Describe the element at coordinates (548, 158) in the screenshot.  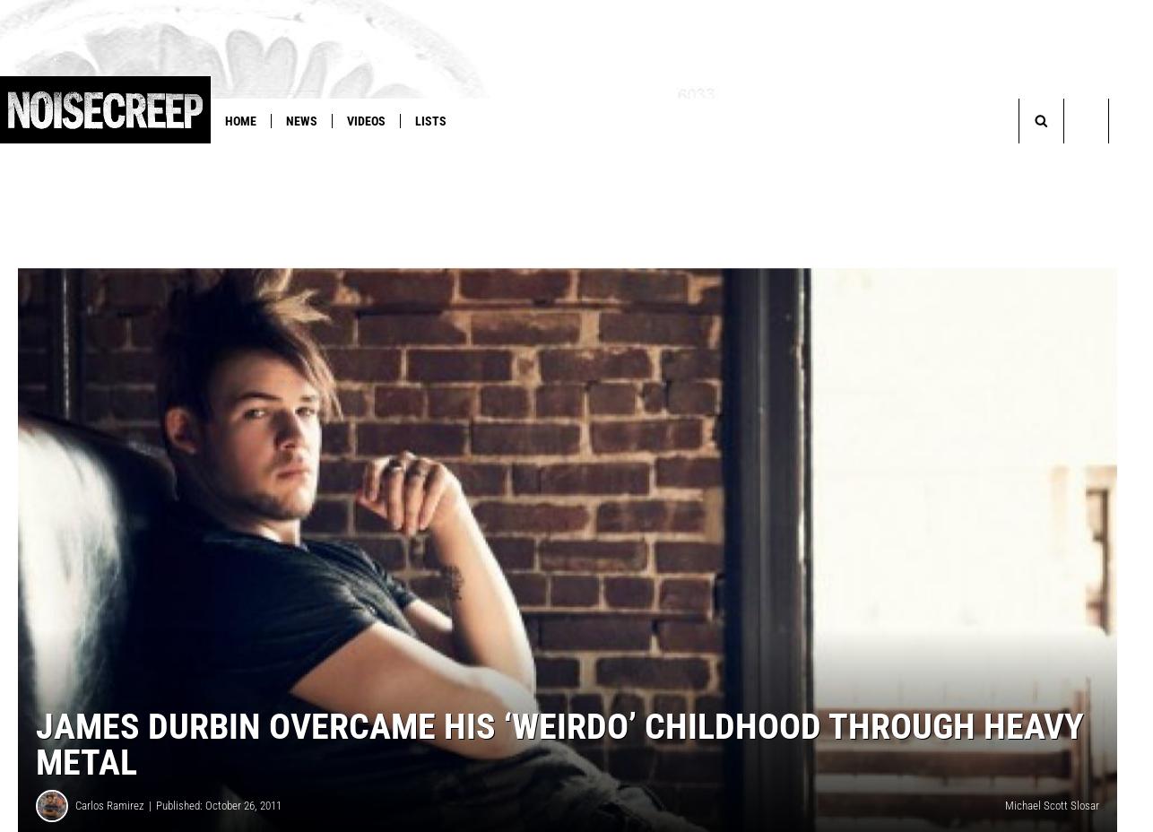
I see `'Slipknot'` at that location.